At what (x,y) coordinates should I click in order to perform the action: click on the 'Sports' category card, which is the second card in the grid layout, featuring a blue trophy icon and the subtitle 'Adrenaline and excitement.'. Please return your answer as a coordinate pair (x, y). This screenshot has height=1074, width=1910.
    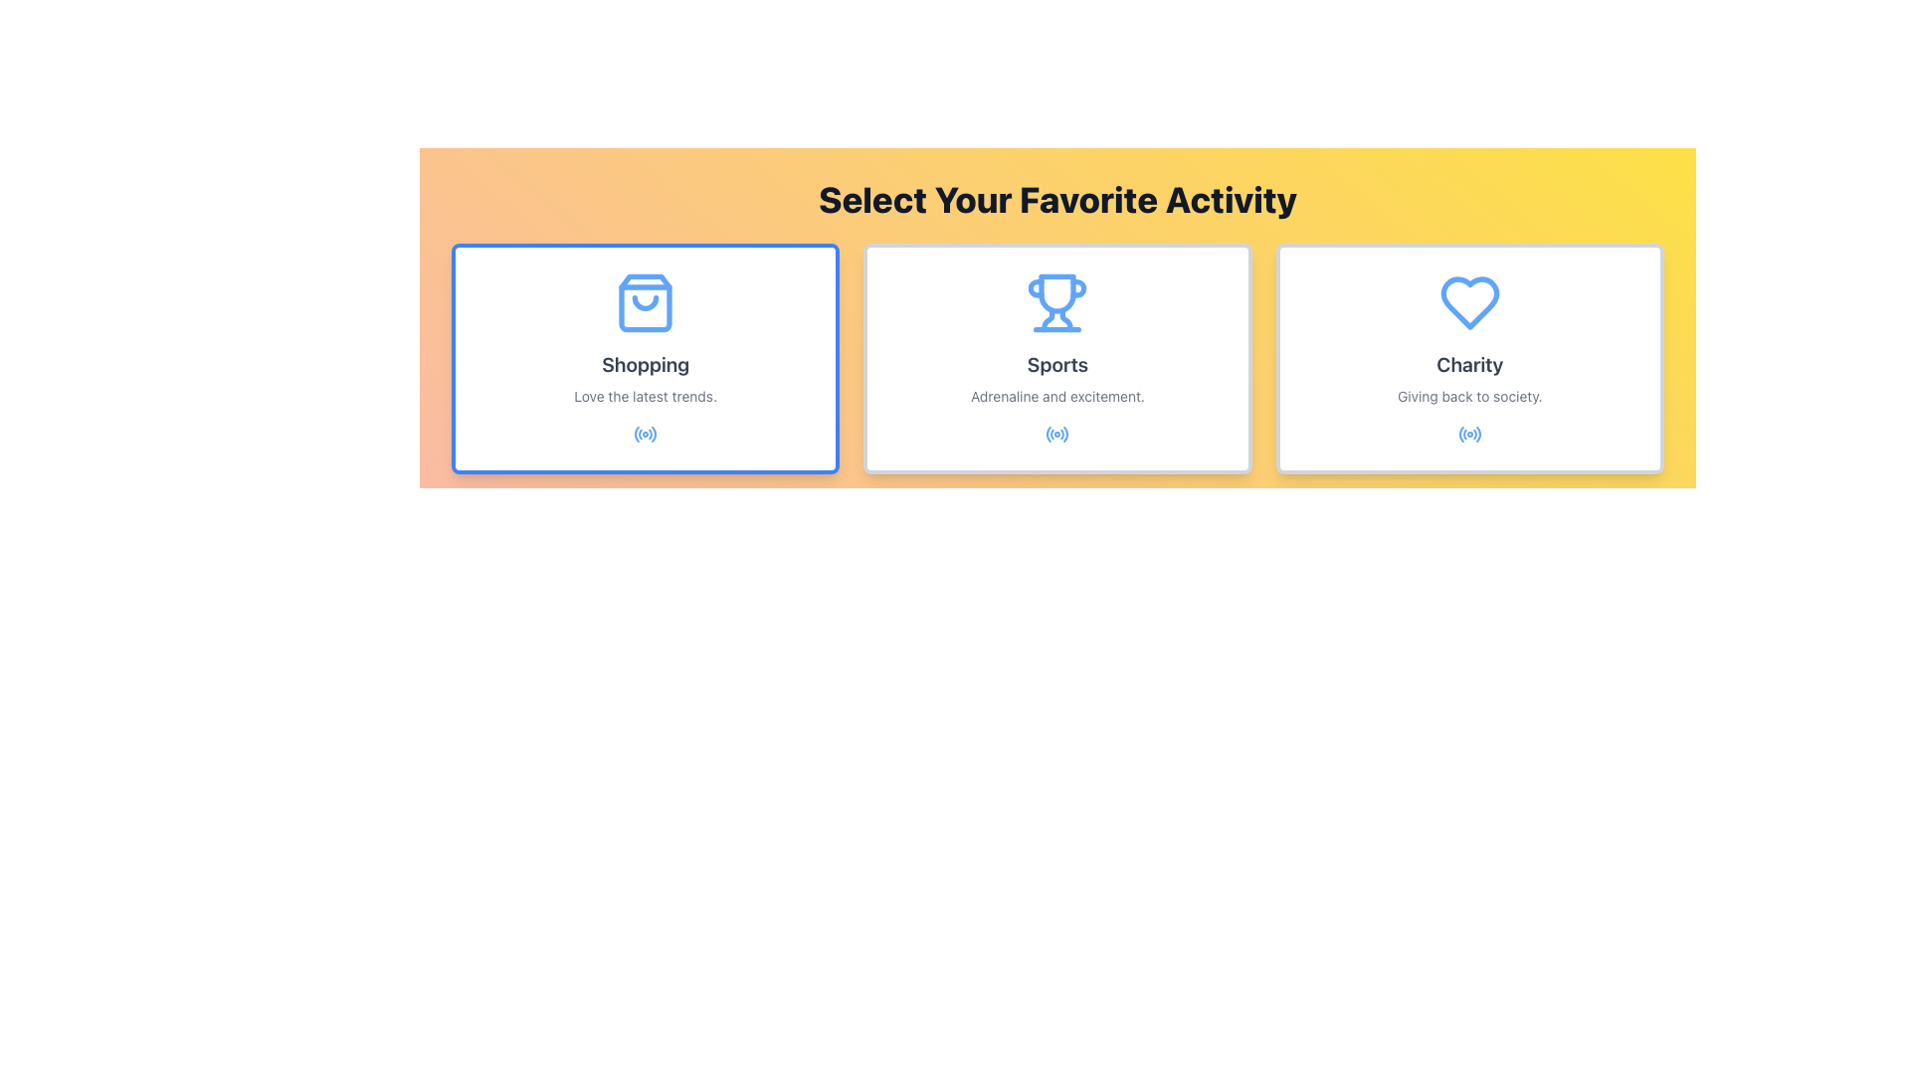
    Looking at the image, I should click on (1056, 359).